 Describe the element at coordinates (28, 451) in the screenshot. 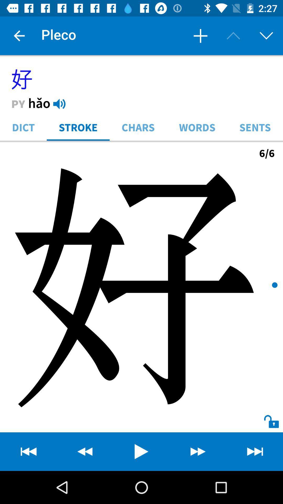

I see `the av_rewind icon` at that location.